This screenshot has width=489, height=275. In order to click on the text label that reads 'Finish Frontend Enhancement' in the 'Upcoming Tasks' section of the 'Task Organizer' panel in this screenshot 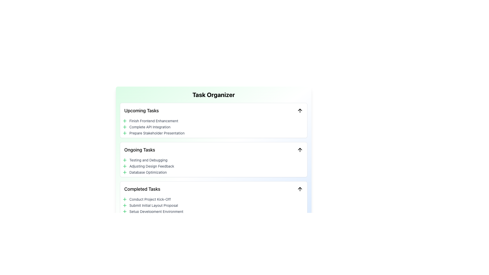, I will do `click(153, 121)`.